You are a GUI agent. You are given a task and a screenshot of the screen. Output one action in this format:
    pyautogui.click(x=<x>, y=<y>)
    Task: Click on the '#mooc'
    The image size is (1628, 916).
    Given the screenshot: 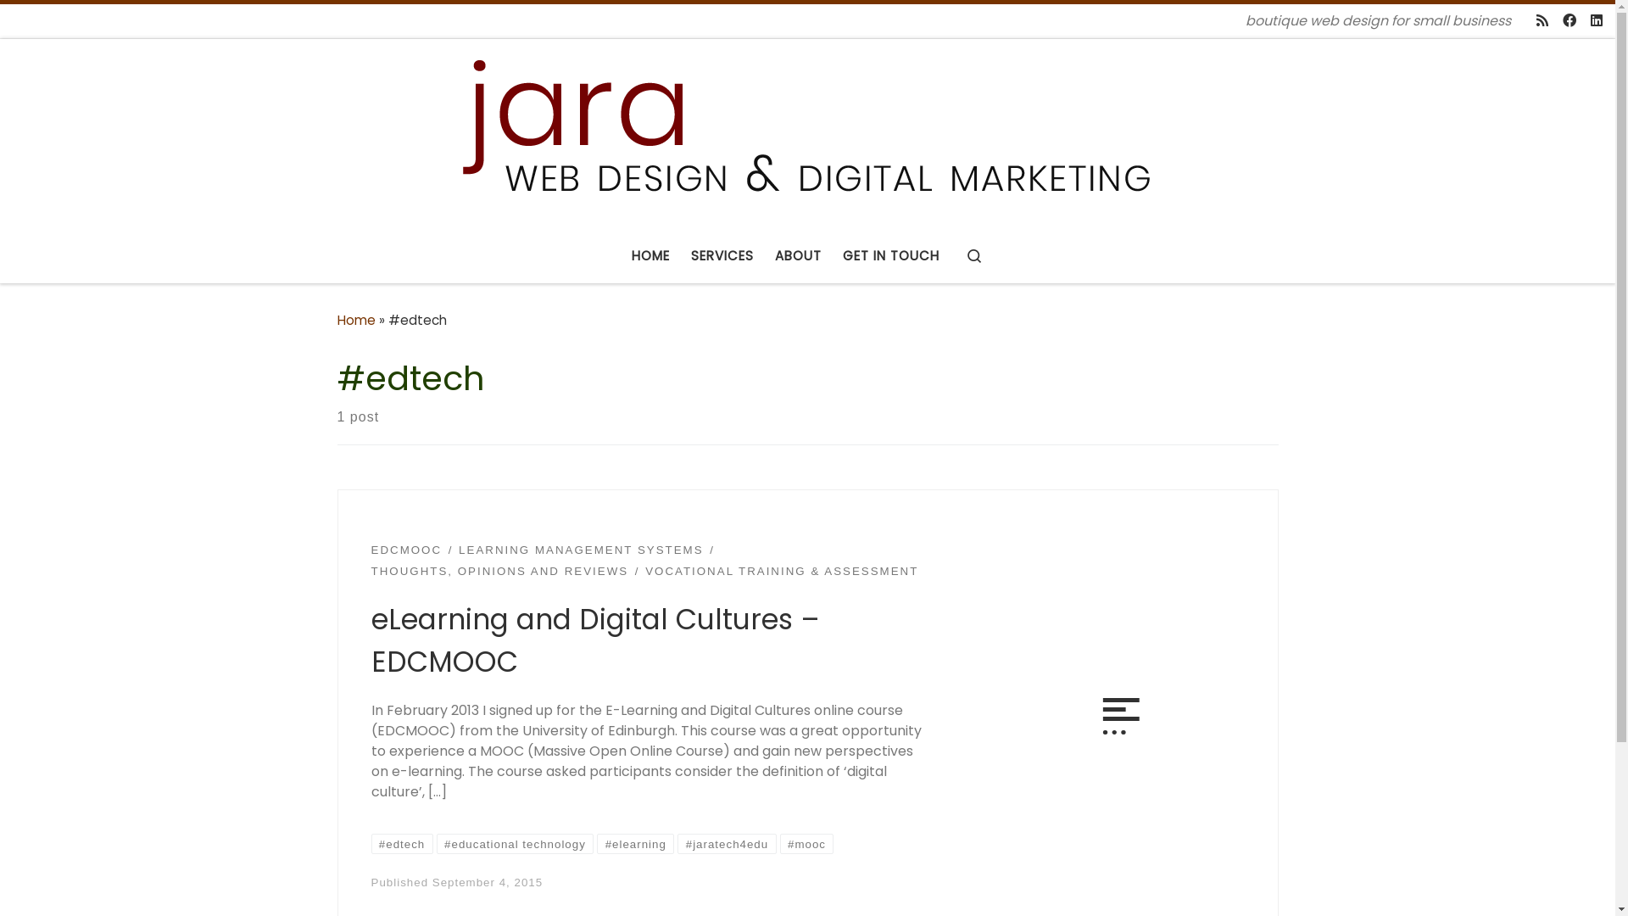 What is the action you would take?
    pyautogui.click(x=779, y=844)
    